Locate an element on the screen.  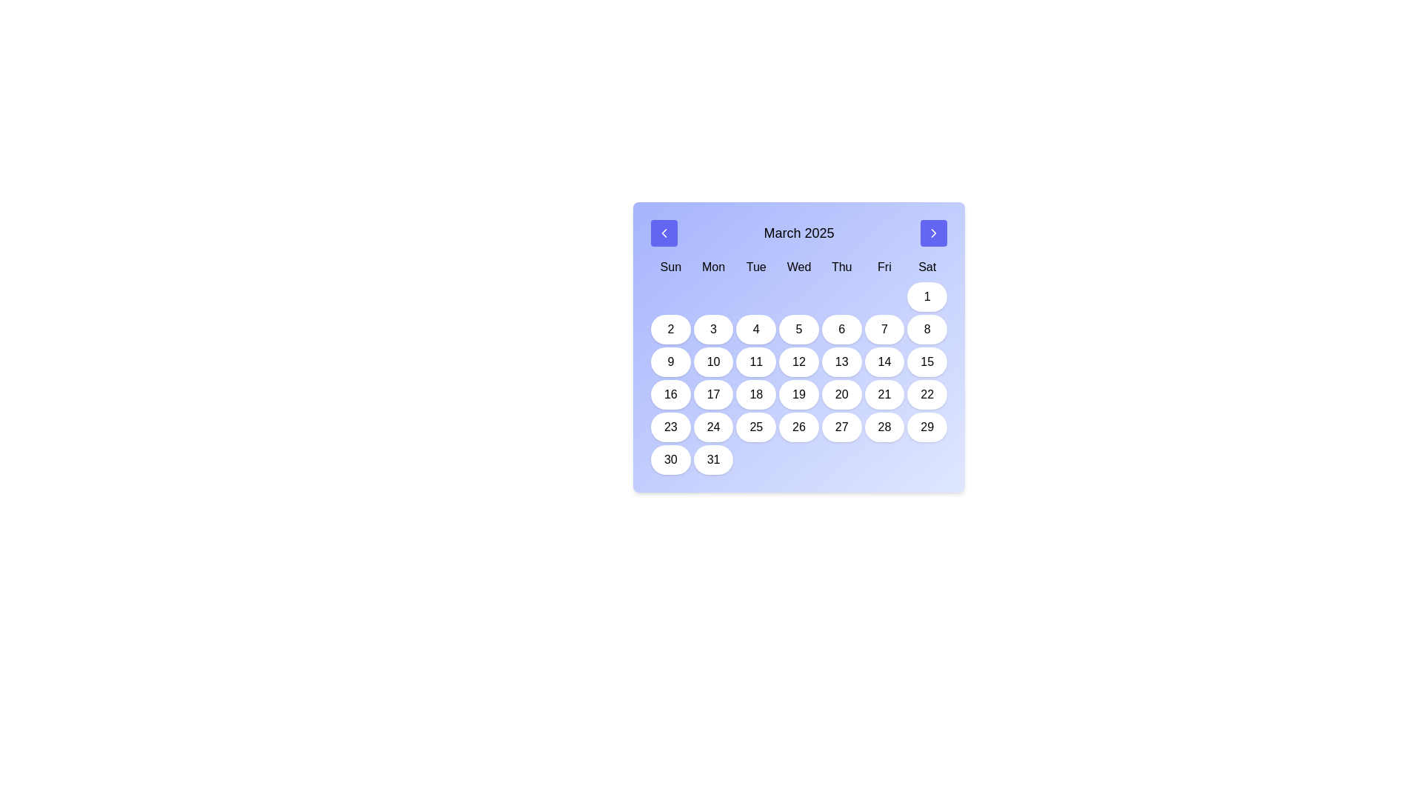
the leftward-pointing chevron icon styled with a rounded, indigo-colored button located at the top-left corner of the calendar interface is located at coordinates (664, 233).